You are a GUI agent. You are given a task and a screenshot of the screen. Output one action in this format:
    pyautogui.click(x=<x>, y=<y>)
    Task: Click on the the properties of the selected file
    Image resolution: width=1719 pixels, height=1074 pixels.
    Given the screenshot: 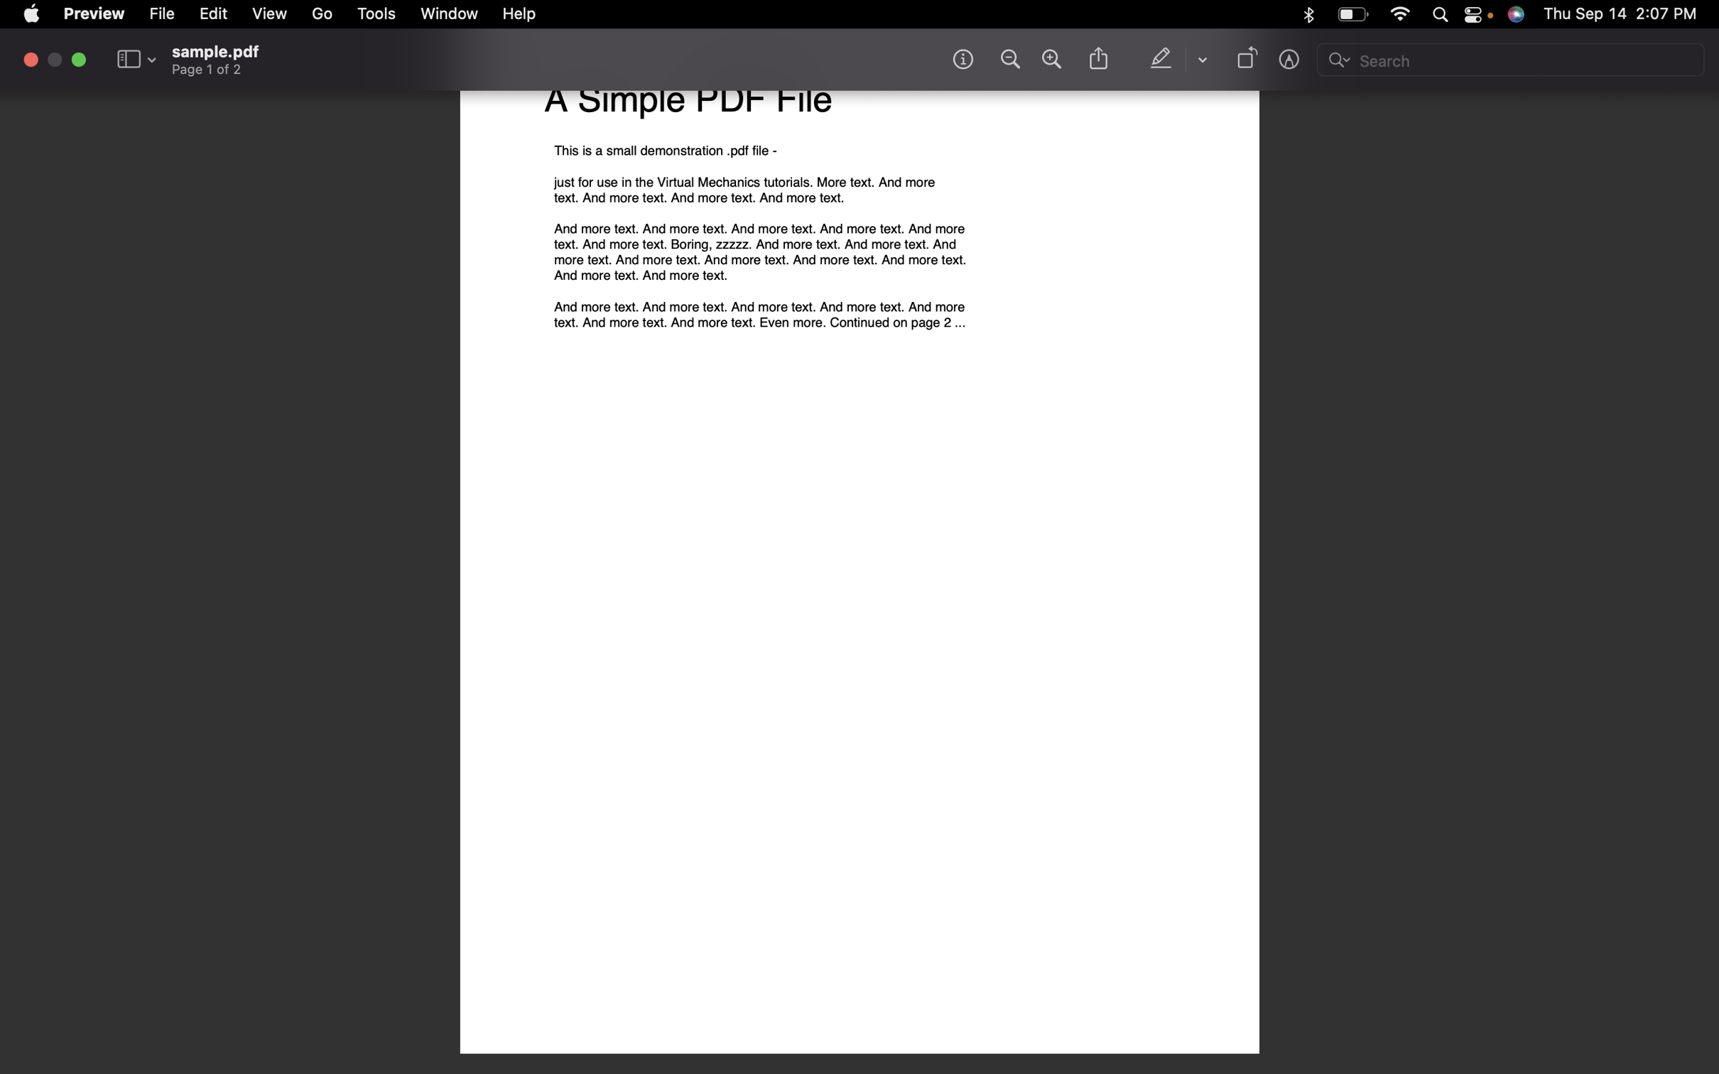 What is the action you would take?
    pyautogui.click(x=163, y=13)
    